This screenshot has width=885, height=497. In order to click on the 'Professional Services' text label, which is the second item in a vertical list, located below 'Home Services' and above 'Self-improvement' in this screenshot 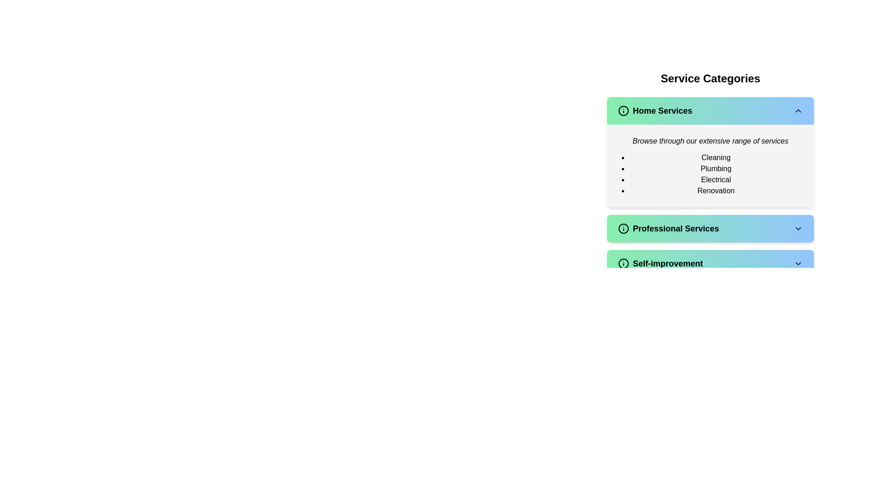, I will do `click(668, 228)`.